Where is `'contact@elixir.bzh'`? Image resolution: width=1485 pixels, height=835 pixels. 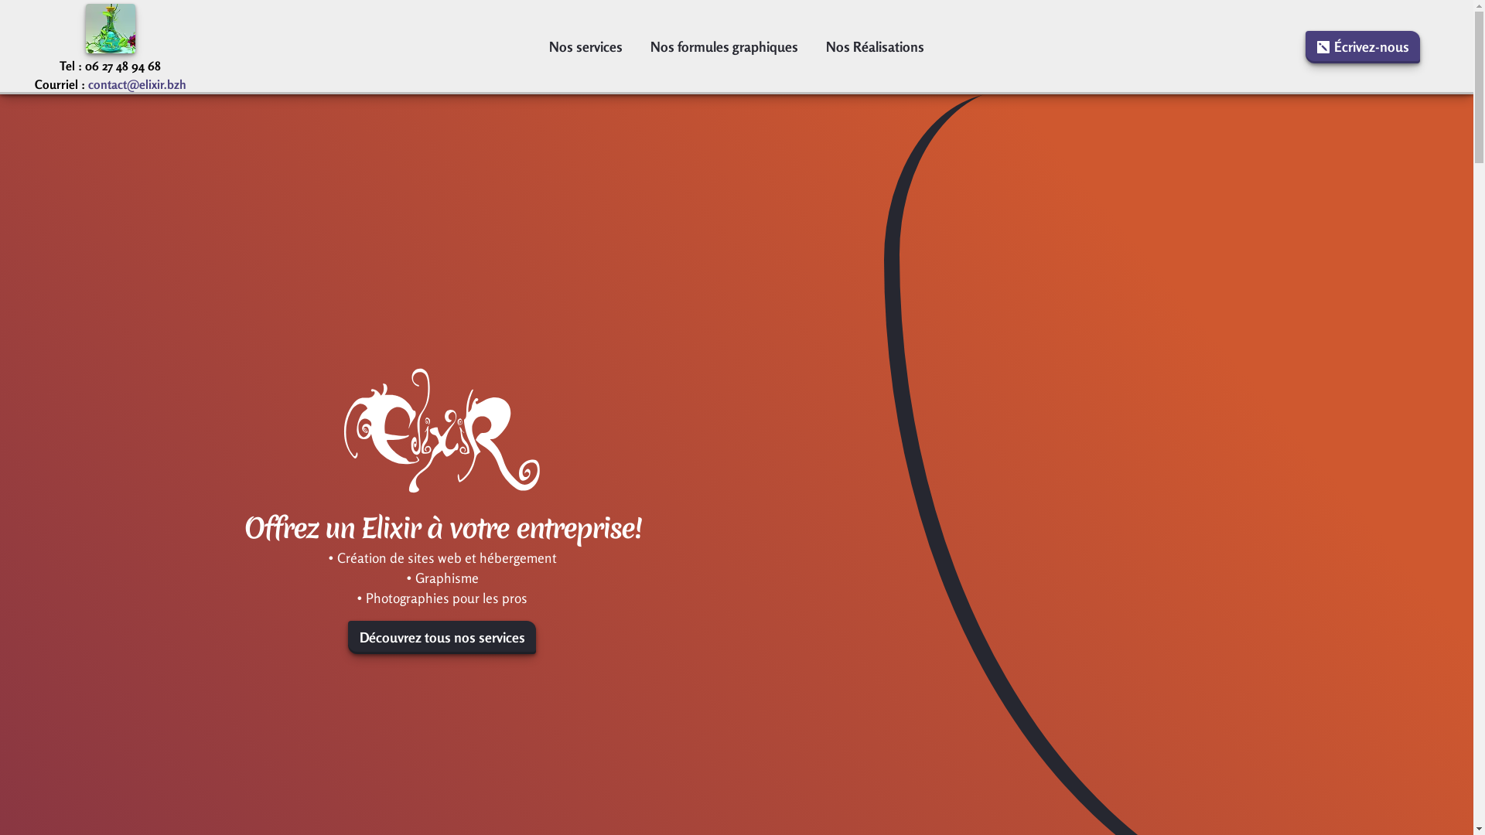 'contact@elixir.bzh' is located at coordinates (137, 83).